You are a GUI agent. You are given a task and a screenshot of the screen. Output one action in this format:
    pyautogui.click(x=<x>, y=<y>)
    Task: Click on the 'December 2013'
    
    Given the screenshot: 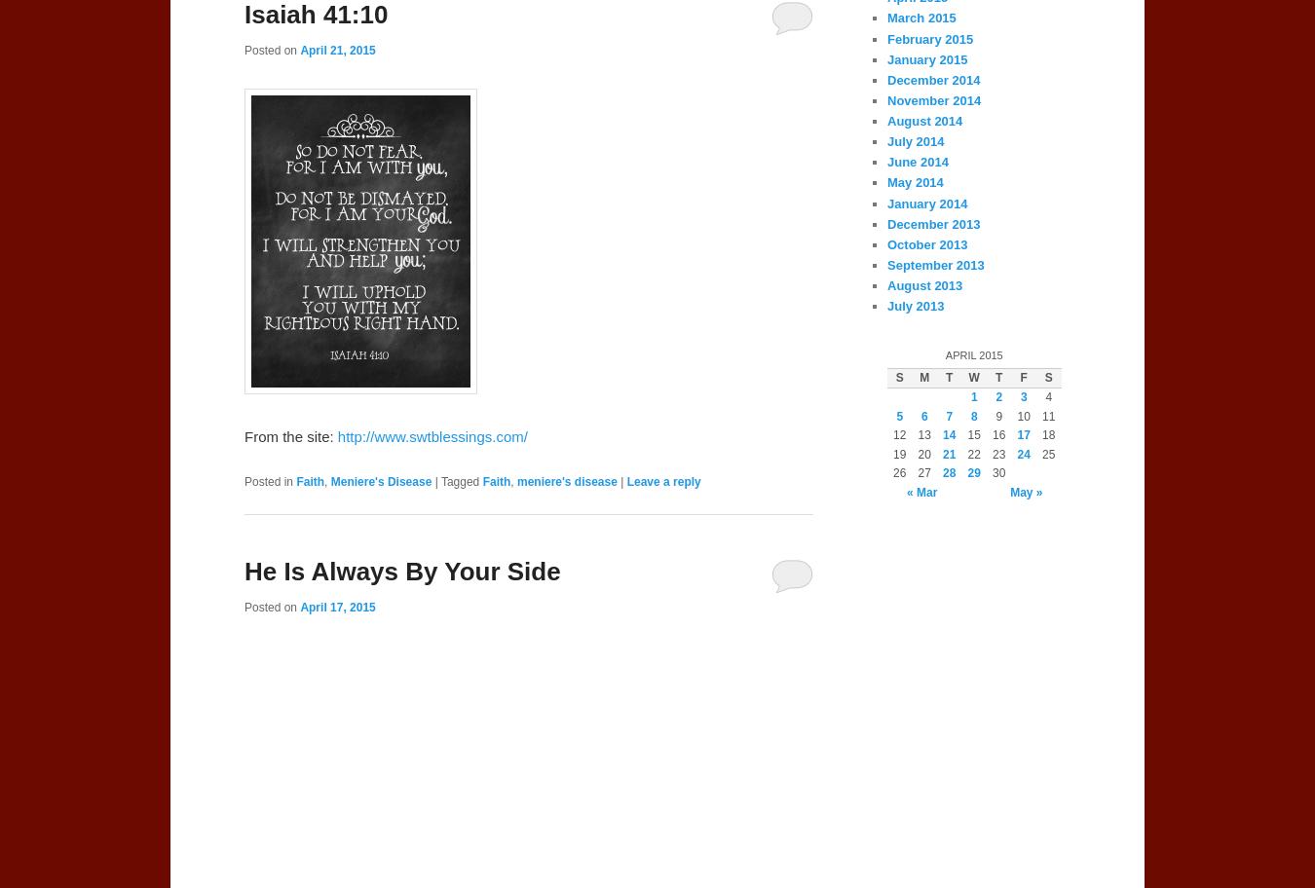 What is the action you would take?
    pyautogui.click(x=932, y=223)
    